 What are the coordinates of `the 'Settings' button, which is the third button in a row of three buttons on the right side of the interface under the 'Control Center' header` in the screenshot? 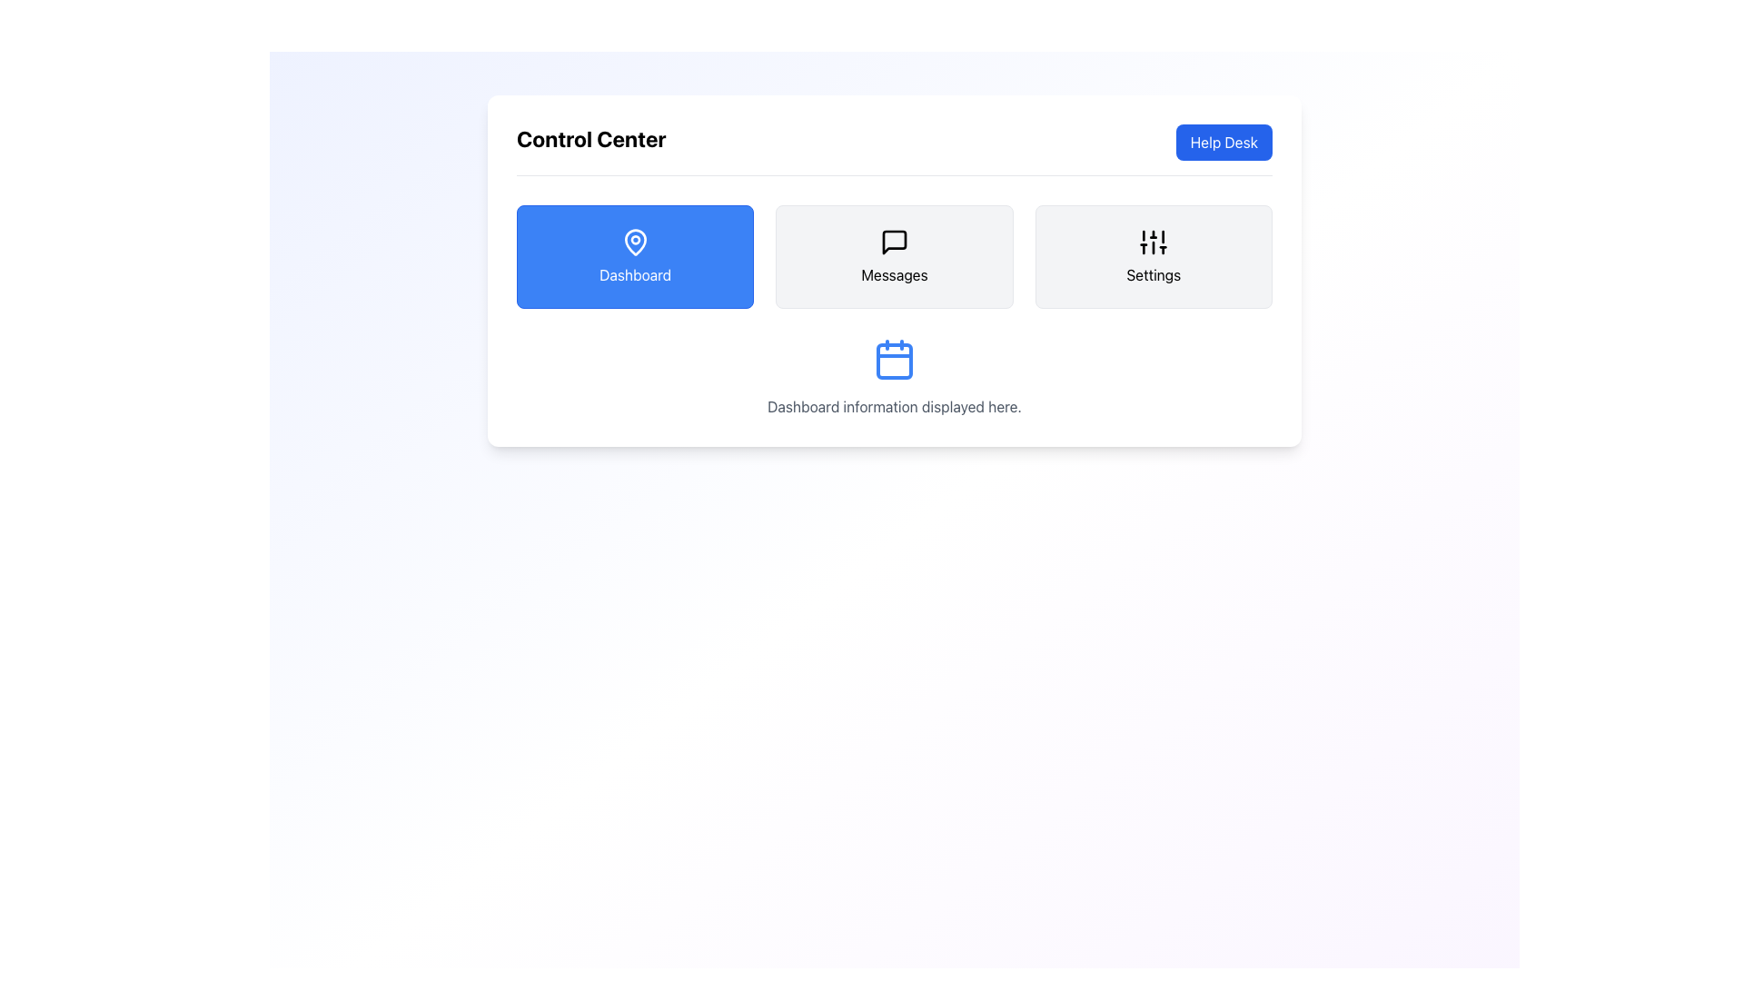 It's located at (1153, 256).